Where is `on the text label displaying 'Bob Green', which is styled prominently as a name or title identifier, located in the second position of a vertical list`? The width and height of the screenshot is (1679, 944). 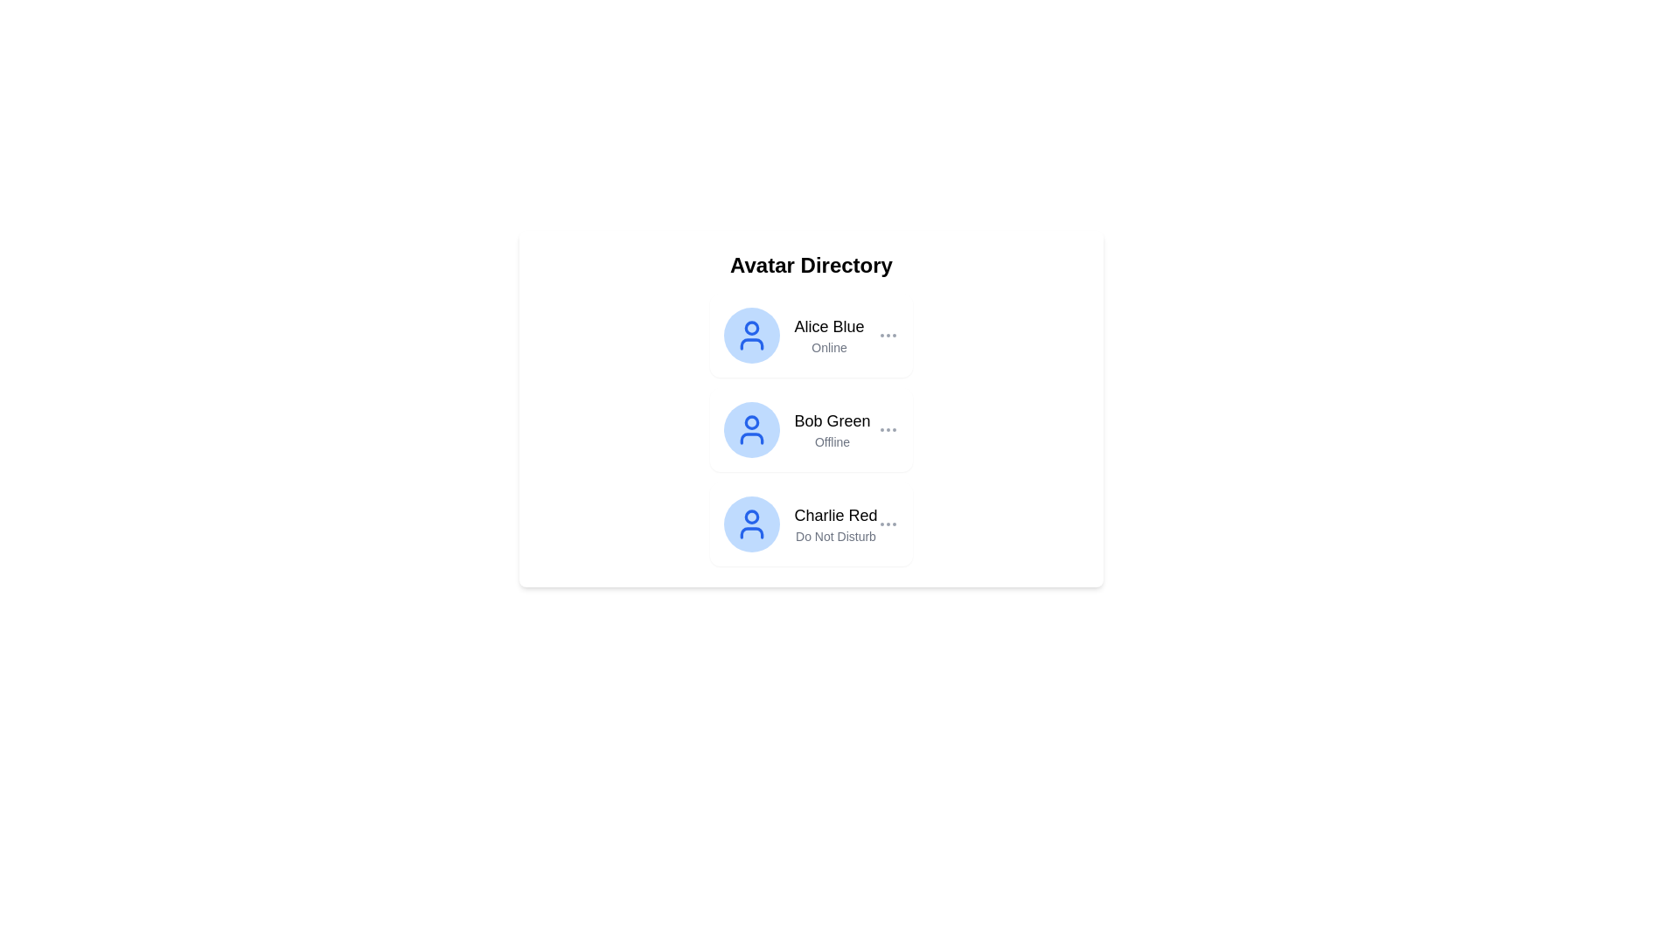
on the text label displaying 'Bob Green', which is styled prominently as a name or title identifier, located in the second position of a vertical list is located at coordinates (831, 421).